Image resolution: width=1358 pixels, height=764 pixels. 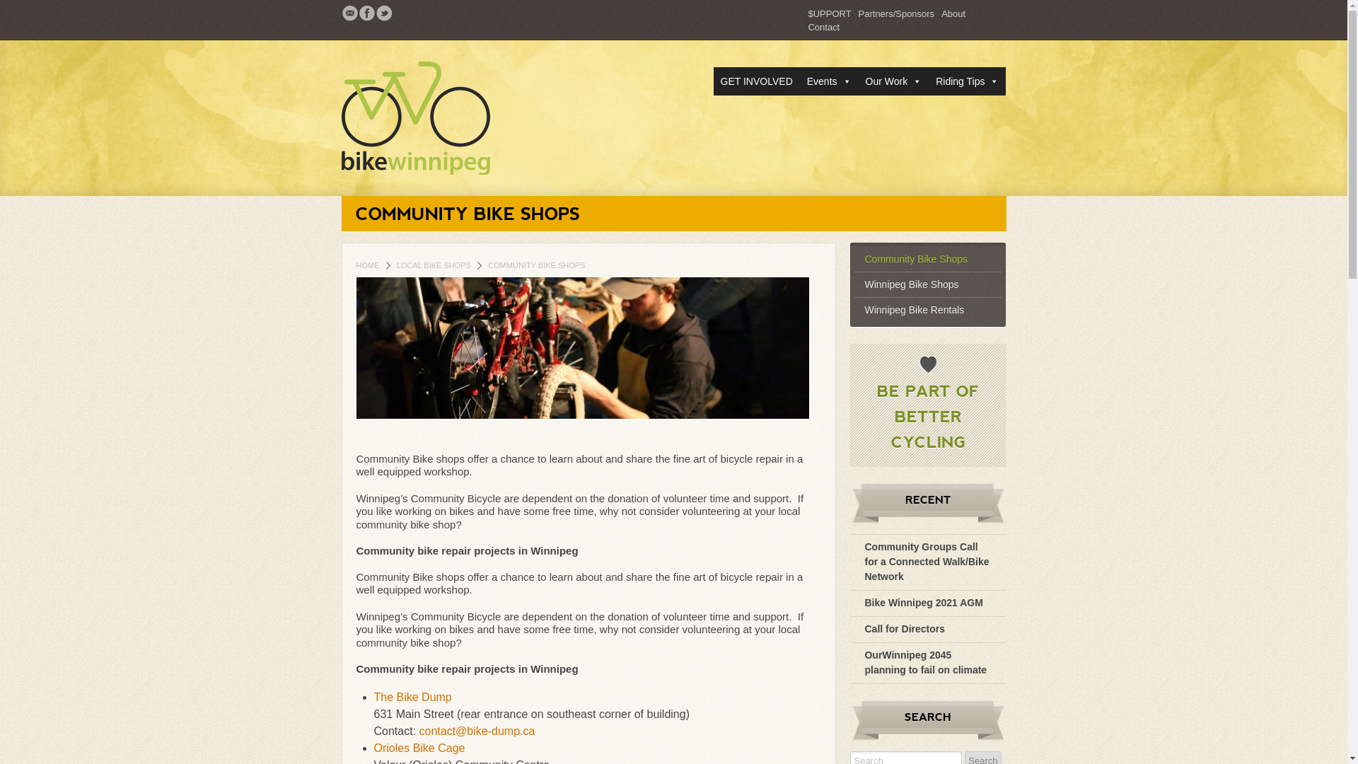 What do you see at coordinates (923, 603) in the screenshot?
I see `'Bike Winnipeg 2021 AGM'` at bounding box center [923, 603].